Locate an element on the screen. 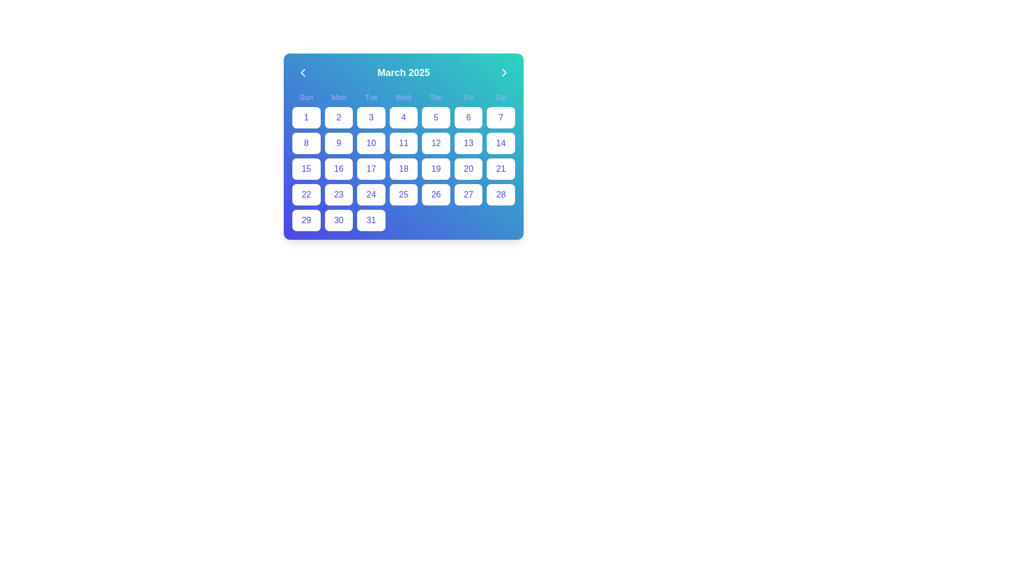  the button representing the date '22' in the calendar interface is located at coordinates (306, 194).